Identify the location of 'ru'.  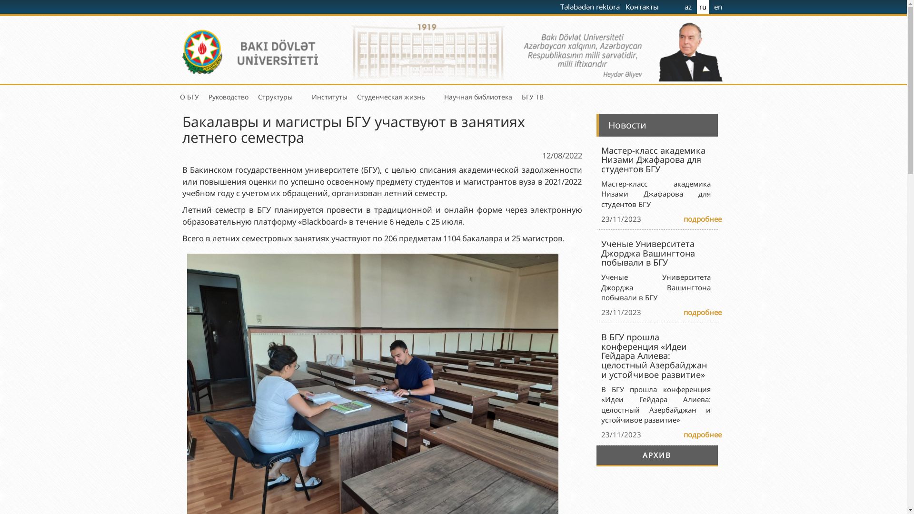
(702, 7).